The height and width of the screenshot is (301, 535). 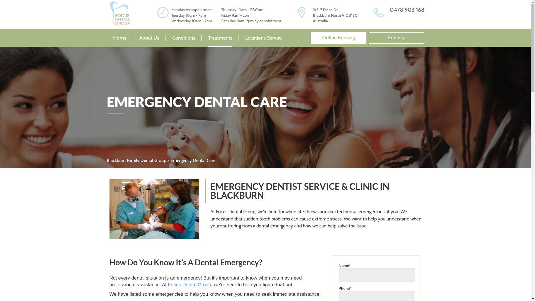 What do you see at coordinates (263, 38) in the screenshot?
I see `'Locations Served'` at bounding box center [263, 38].